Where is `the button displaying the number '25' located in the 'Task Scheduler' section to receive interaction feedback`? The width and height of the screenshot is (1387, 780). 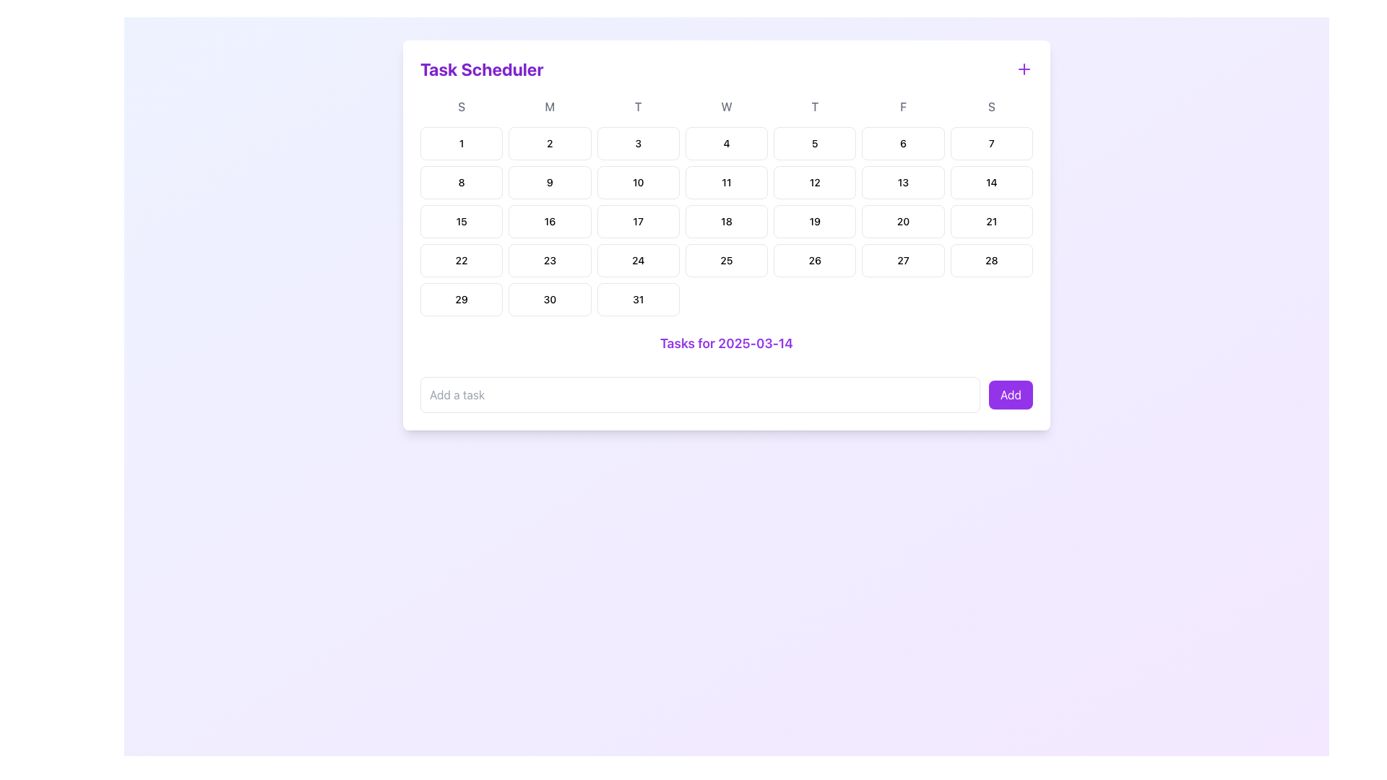 the button displaying the number '25' located in the 'Task Scheduler' section to receive interaction feedback is located at coordinates (727, 261).